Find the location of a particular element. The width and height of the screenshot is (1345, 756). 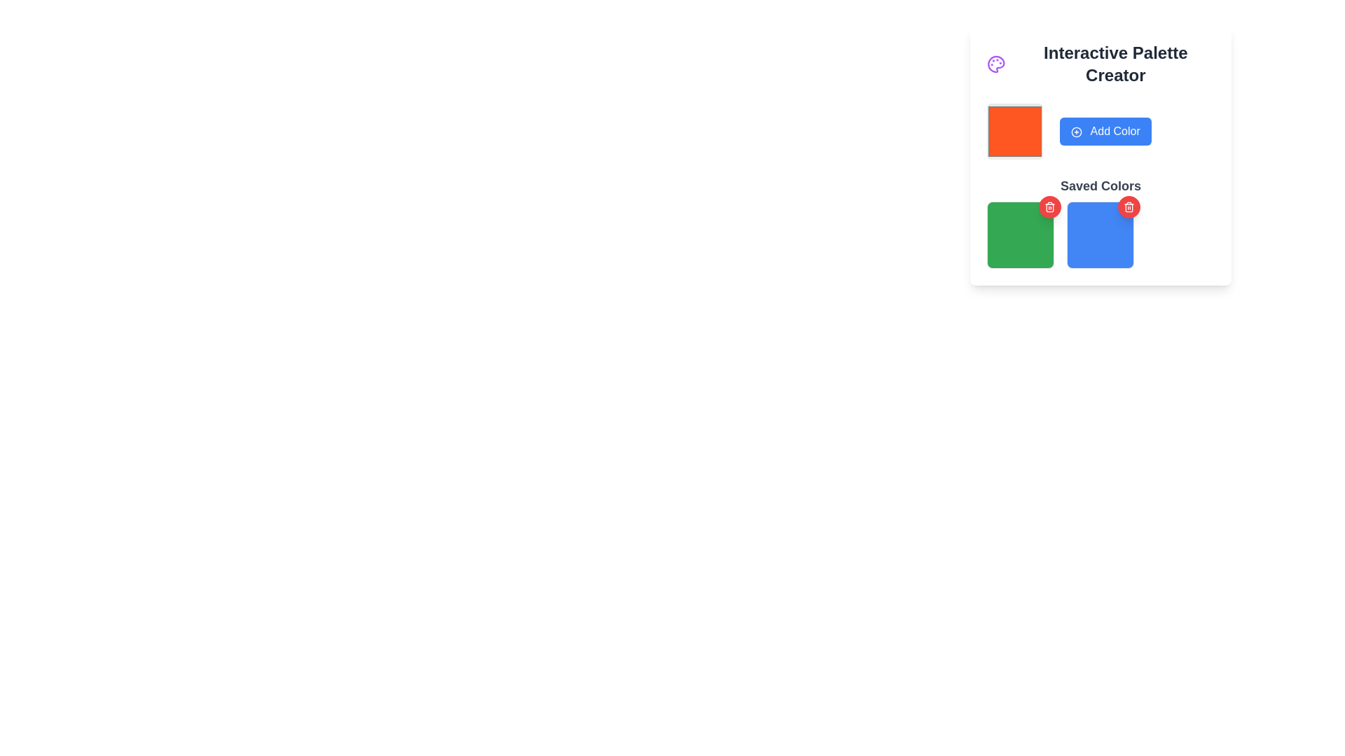

the 'Add Color' button in the color preview component located in the top middle section of the 'Interactive Palette Creator' interface is located at coordinates (1100, 132).